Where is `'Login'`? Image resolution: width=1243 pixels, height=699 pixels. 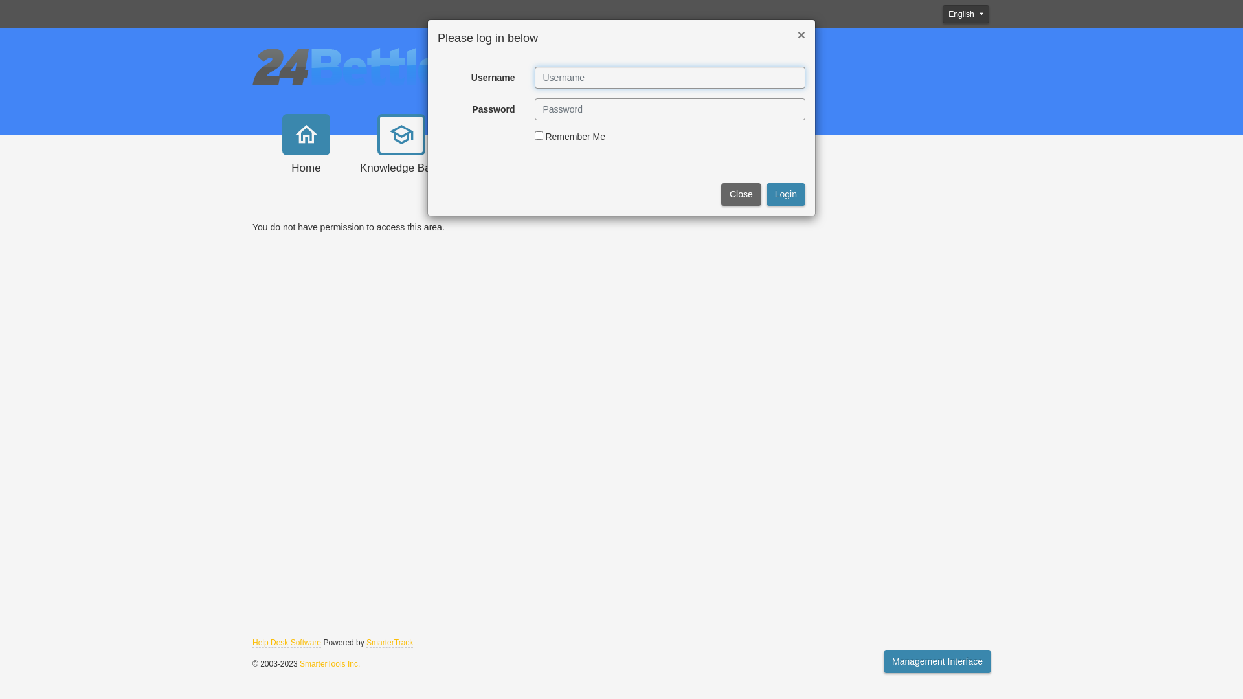 'Login' is located at coordinates (767, 194).